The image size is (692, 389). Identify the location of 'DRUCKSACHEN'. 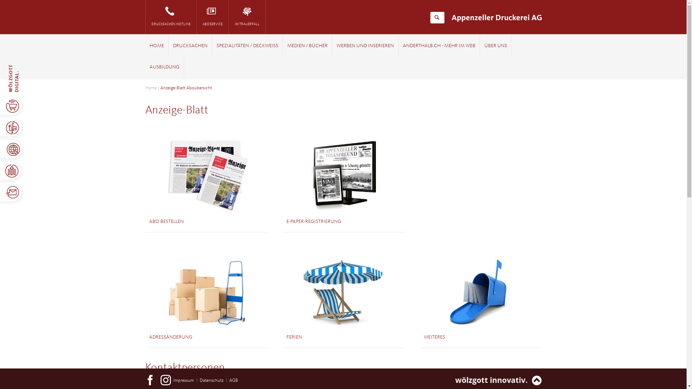
(173, 46).